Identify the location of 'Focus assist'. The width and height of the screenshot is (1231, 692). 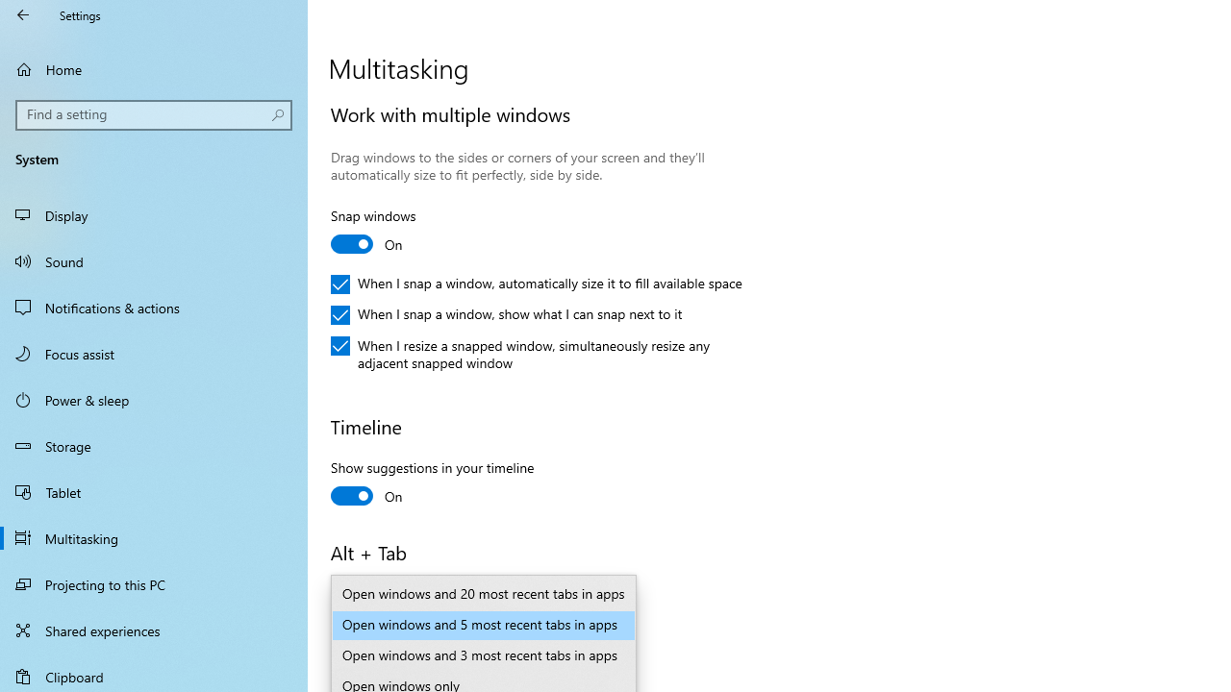
(154, 353).